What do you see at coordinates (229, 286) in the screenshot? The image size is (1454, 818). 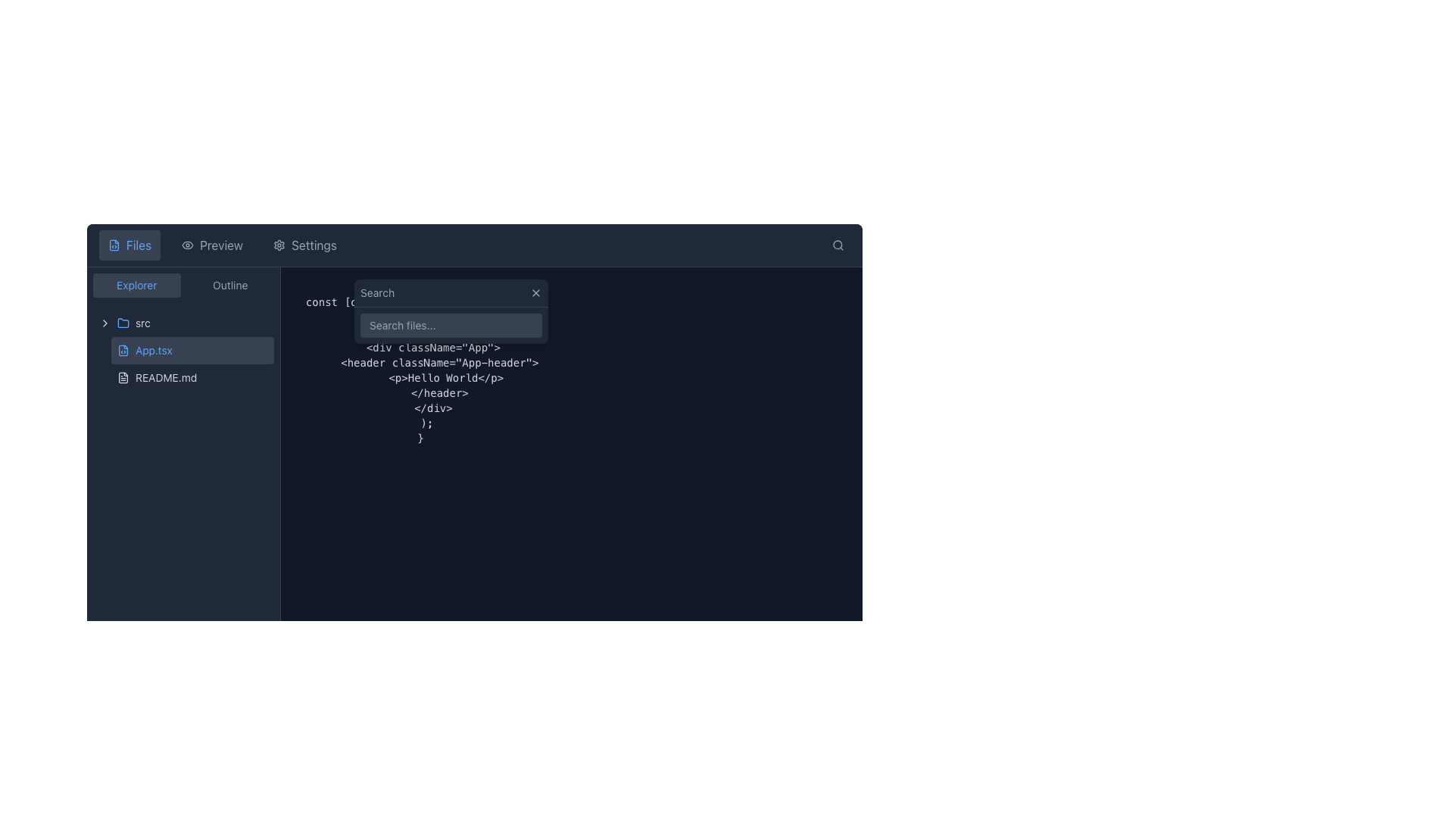 I see `the 'Outline' button, which is a rectangular button with gray text and a darker background on hover` at bounding box center [229, 286].